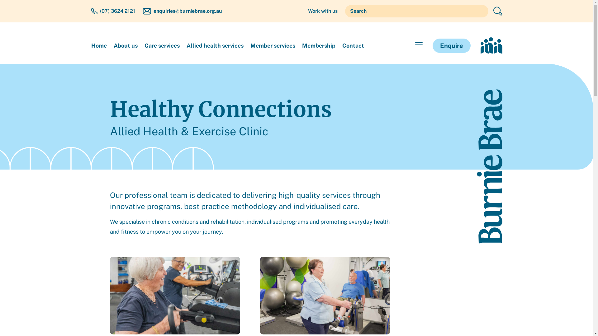 The height and width of the screenshot is (336, 598). Describe the element at coordinates (162, 45) in the screenshot. I see `'Care services'` at that location.